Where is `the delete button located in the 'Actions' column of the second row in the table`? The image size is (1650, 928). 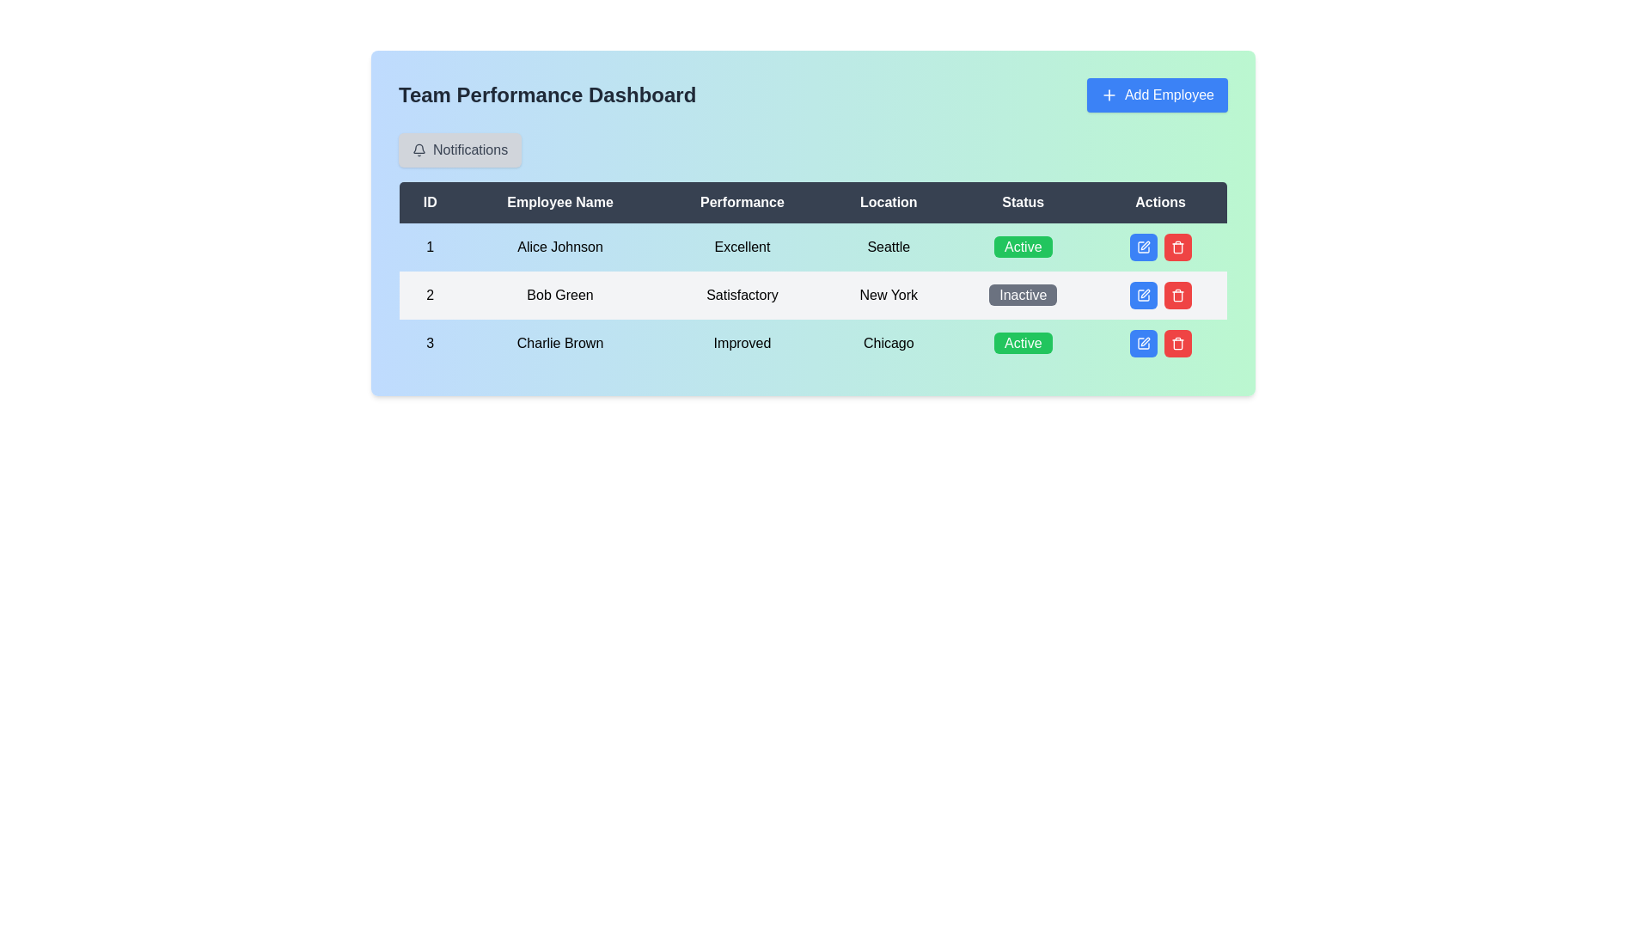
the delete button located in the 'Actions' column of the second row in the table is located at coordinates (1176, 247).